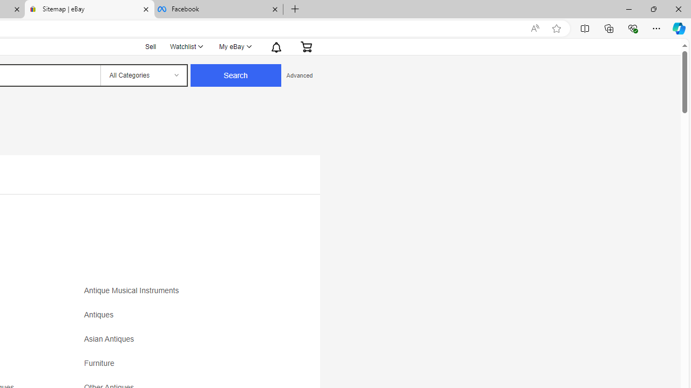 Image resolution: width=691 pixels, height=388 pixels. I want to click on 'Search', so click(235, 75).